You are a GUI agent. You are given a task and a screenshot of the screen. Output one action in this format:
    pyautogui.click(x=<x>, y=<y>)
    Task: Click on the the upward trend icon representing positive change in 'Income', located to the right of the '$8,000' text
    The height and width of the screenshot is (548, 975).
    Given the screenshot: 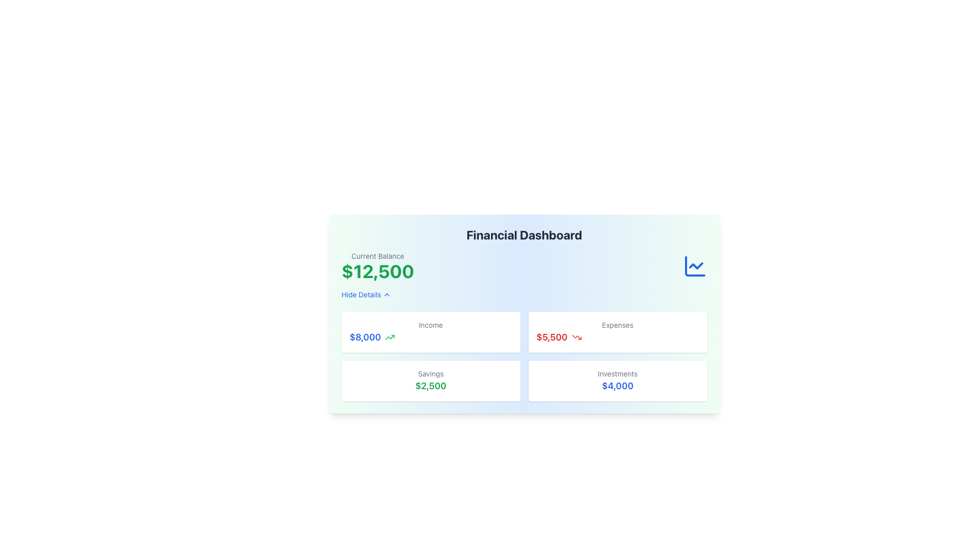 What is the action you would take?
    pyautogui.click(x=389, y=337)
    